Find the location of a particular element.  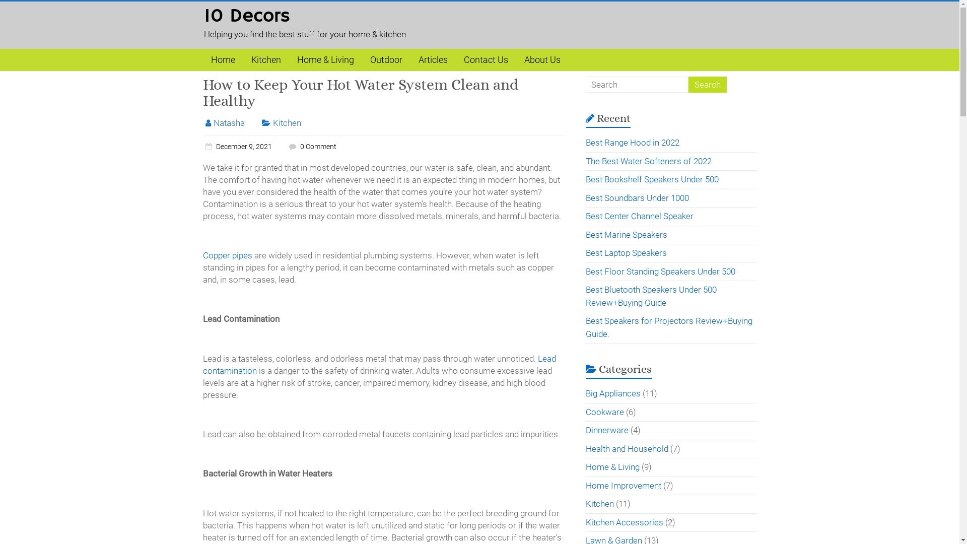

'Home & Living' is located at coordinates (325, 60).